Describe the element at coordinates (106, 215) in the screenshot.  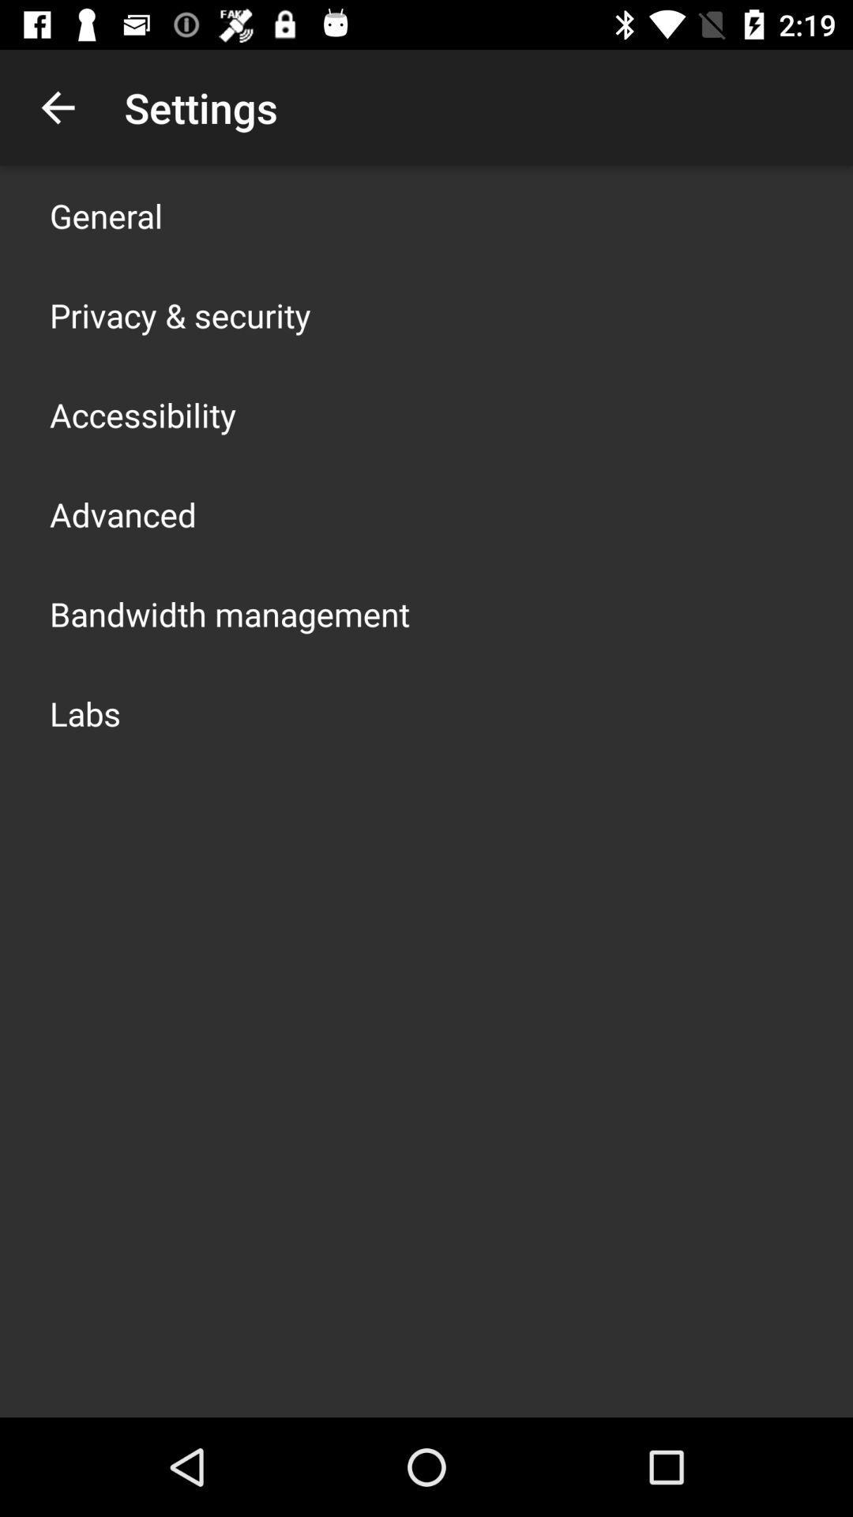
I see `general` at that location.